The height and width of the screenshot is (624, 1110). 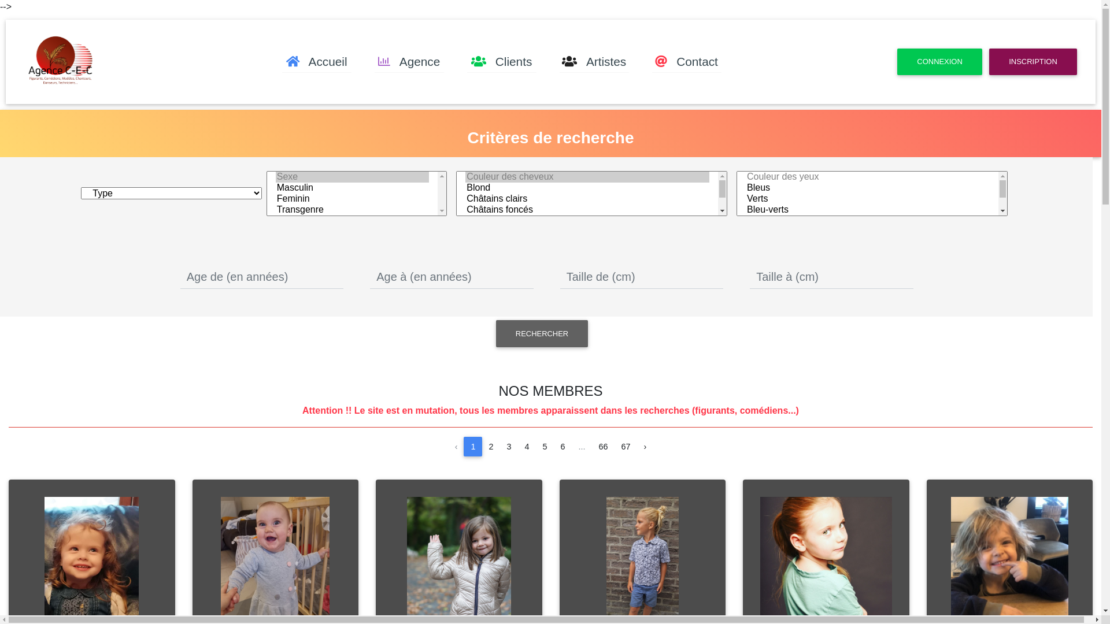 What do you see at coordinates (988, 62) in the screenshot?
I see `'INSCRIPTION'` at bounding box center [988, 62].